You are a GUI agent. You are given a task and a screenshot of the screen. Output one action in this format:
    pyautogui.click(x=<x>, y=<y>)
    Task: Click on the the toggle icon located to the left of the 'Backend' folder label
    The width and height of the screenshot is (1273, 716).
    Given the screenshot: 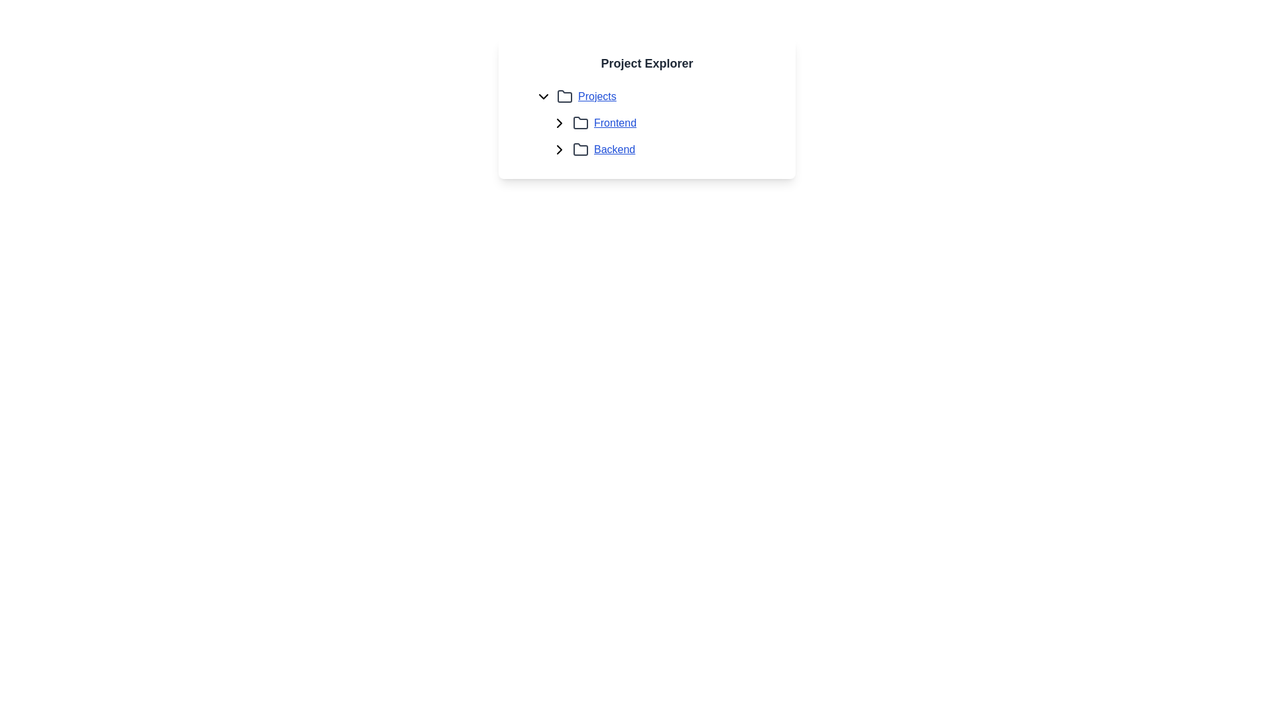 What is the action you would take?
    pyautogui.click(x=560, y=149)
    